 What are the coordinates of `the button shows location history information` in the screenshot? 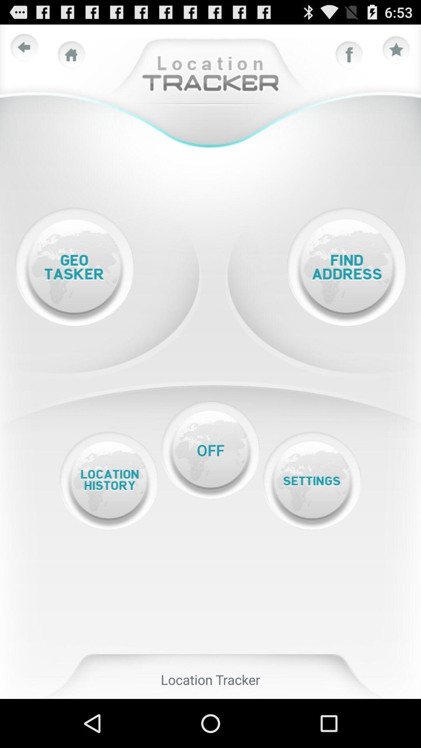 It's located at (108, 480).